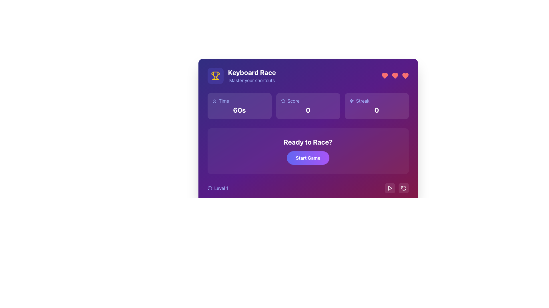 This screenshot has width=549, height=308. What do you see at coordinates (403, 188) in the screenshot?
I see `the refresh/reset button, which is the second rounded icon at the bottom-right corner of the purple interface, next to the triangular play button` at bounding box center [403, 188].